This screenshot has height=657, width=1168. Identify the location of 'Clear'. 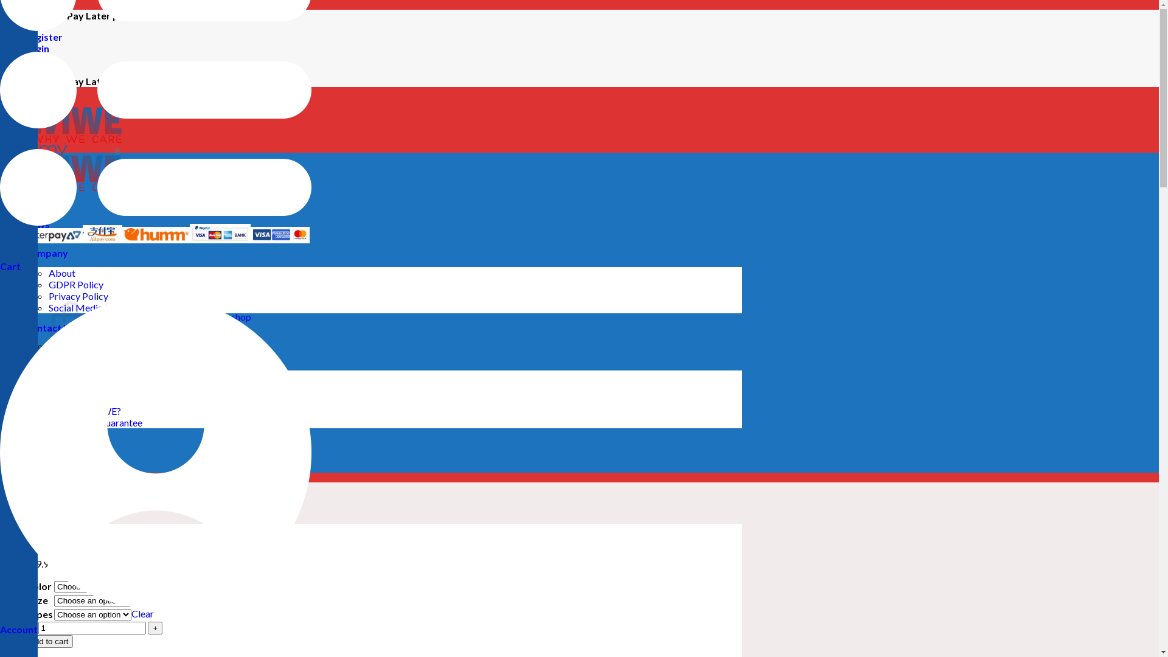
(142, 613).